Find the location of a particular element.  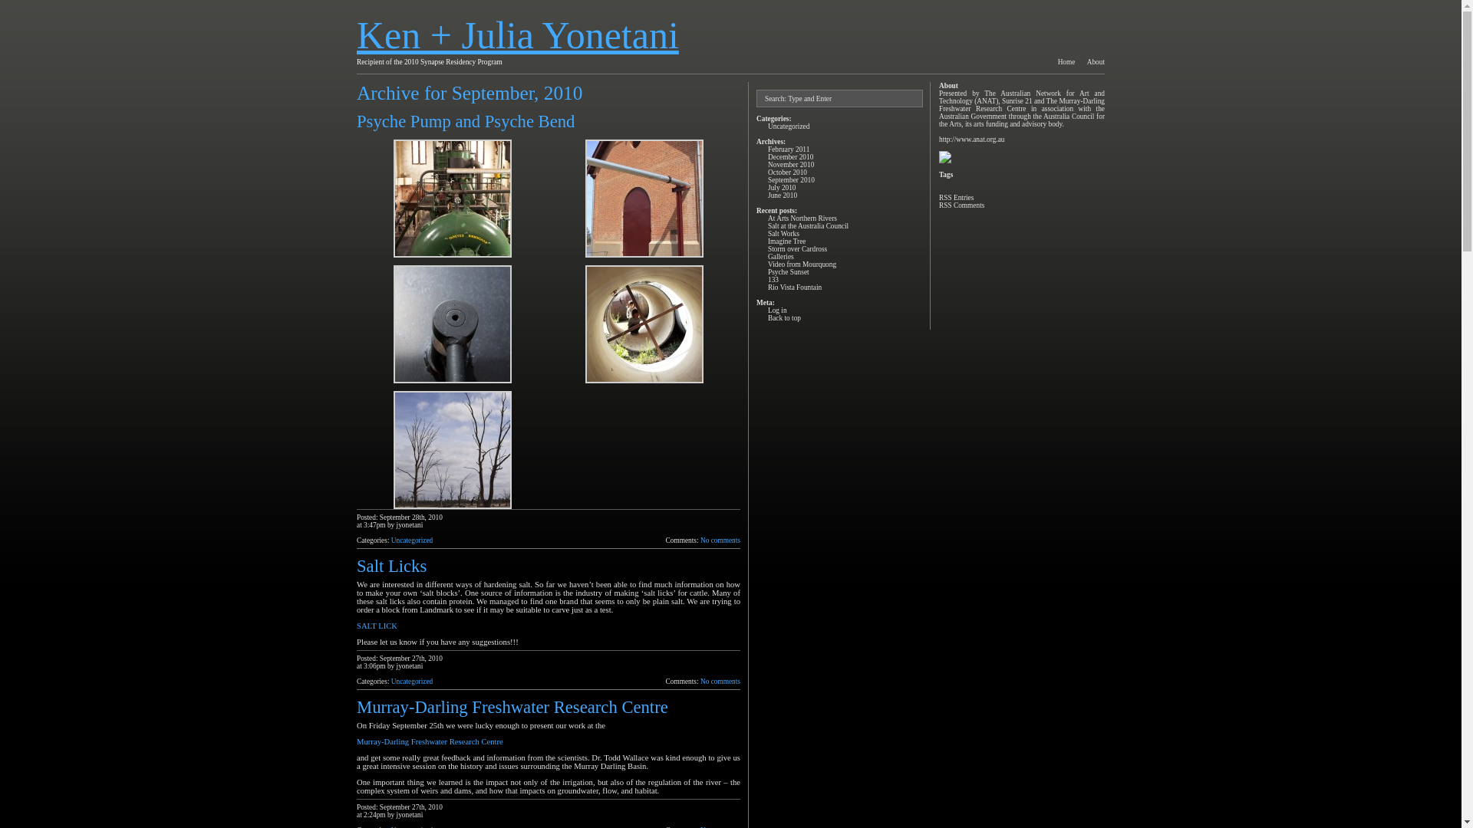

'Galleries' is located at coordinates (780, 256).